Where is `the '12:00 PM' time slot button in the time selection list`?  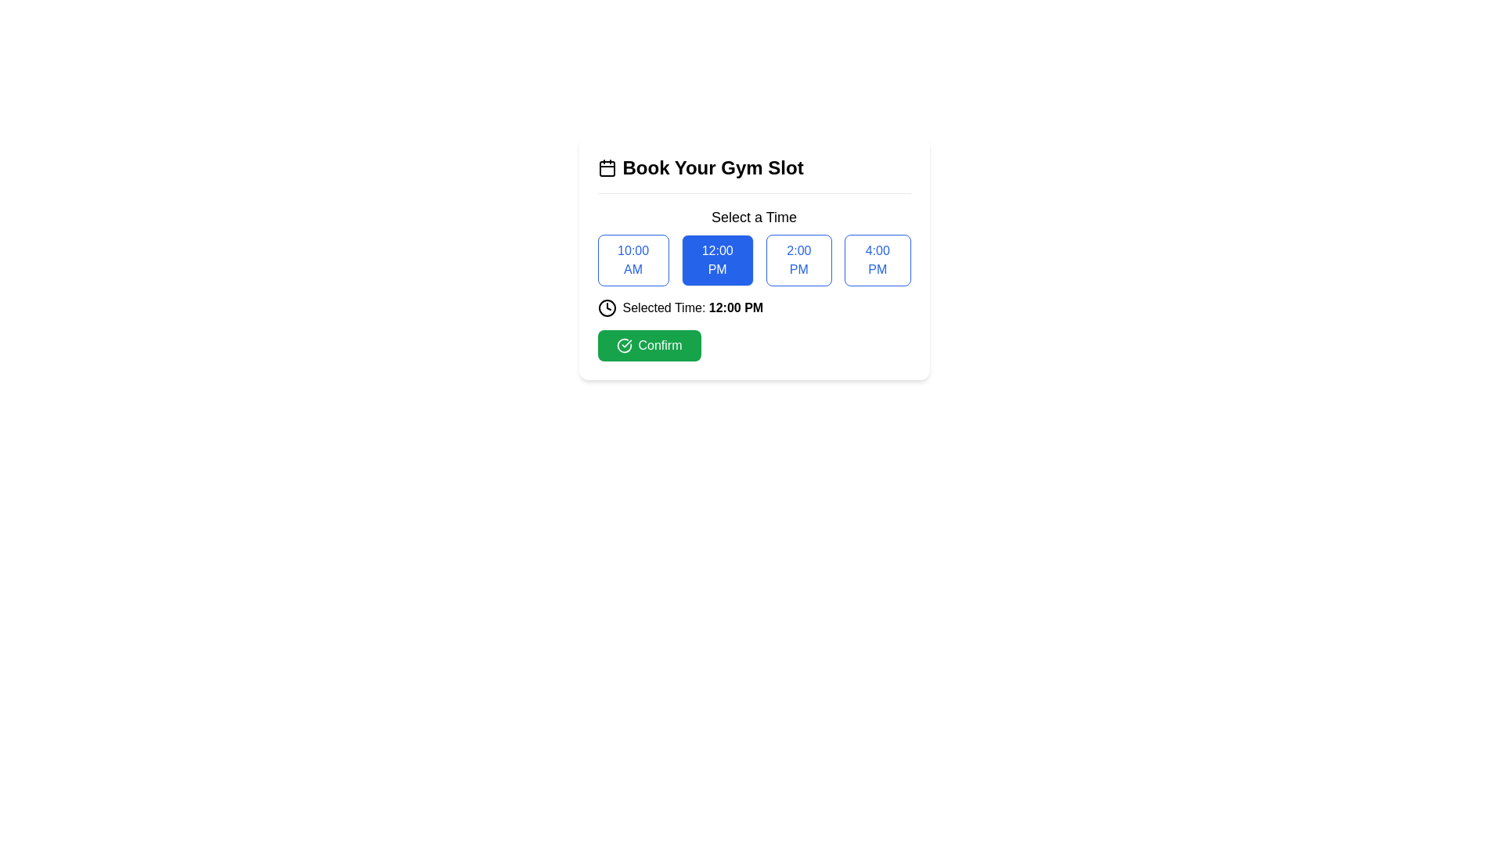 the '12:00 PM' time slot button in the time selection list is located at coordinates (716, 259).